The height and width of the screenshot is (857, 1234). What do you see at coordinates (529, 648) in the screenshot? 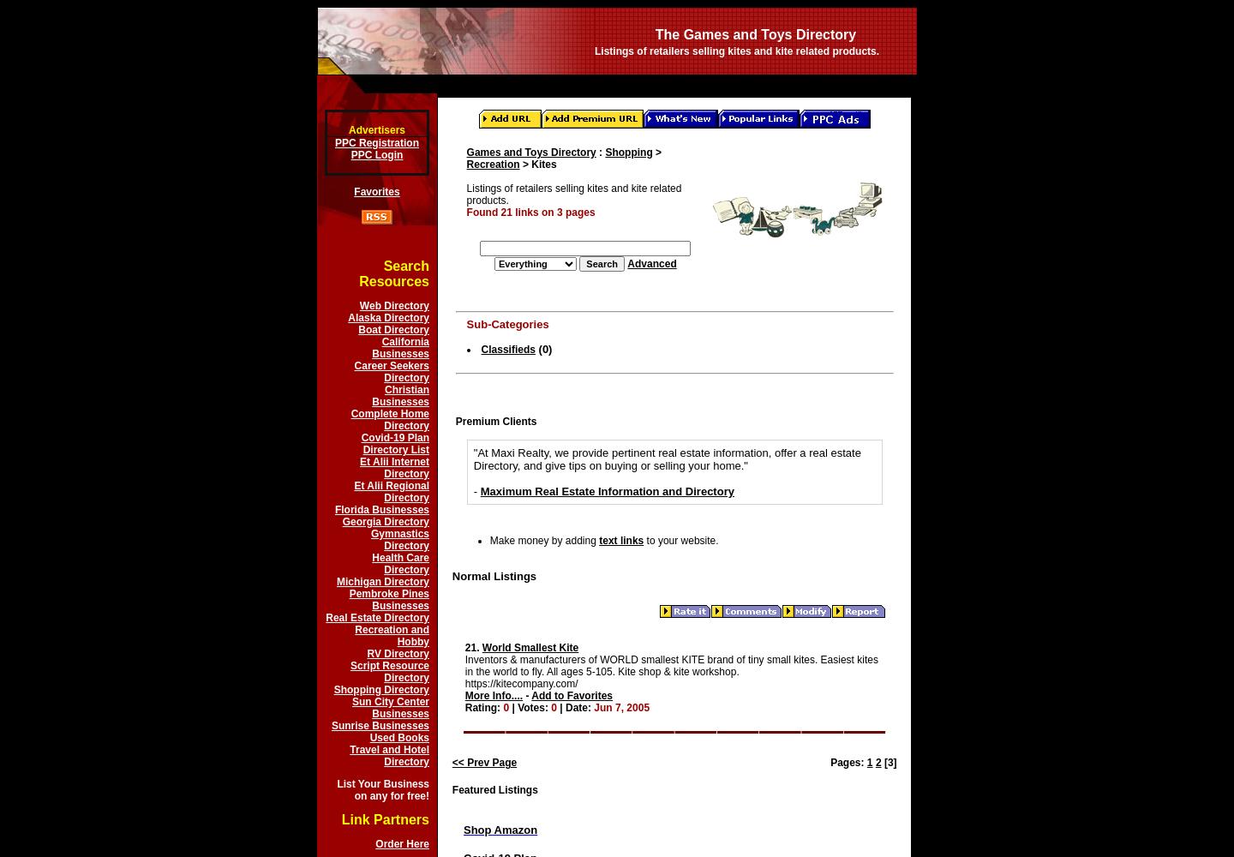
I see `'World Smallest Kite'` at bounding box center [529, 648].